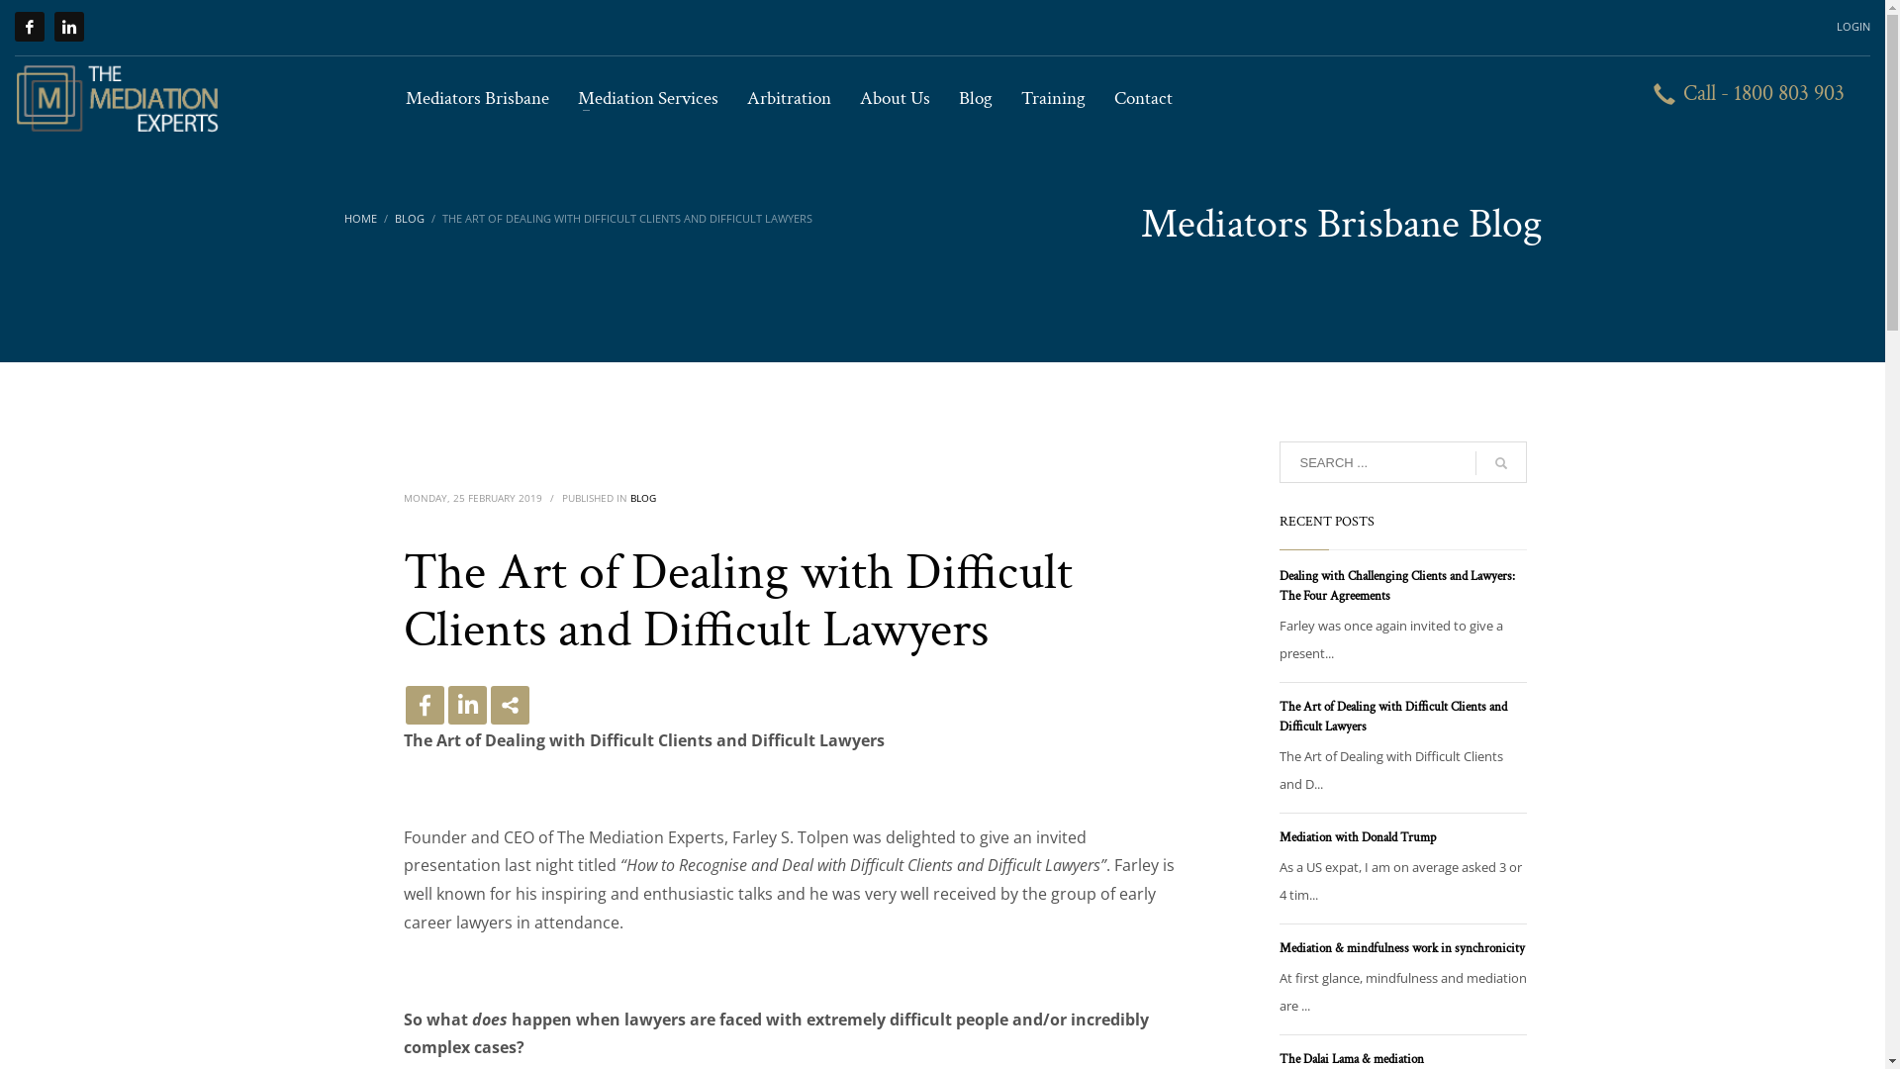  Describe the element at coordinates (788, 99) in the screenshot. I see `'Arbitration'` at that location.